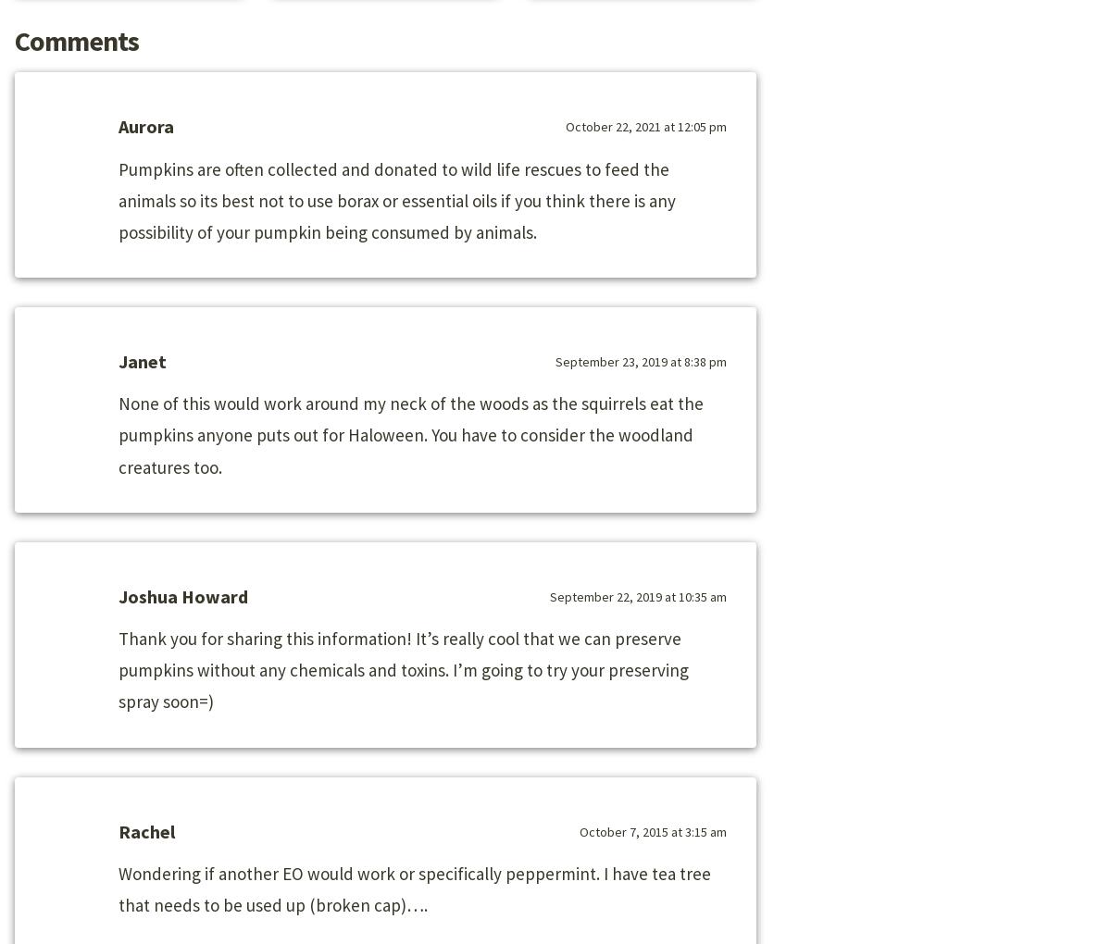 This screenshot has width=1111, height=944. What do you see at coordinates (646, 126) in the screenshot?
I see `'October 22, 2021 at 12:05 pm'` at bounding box center [646, 126].